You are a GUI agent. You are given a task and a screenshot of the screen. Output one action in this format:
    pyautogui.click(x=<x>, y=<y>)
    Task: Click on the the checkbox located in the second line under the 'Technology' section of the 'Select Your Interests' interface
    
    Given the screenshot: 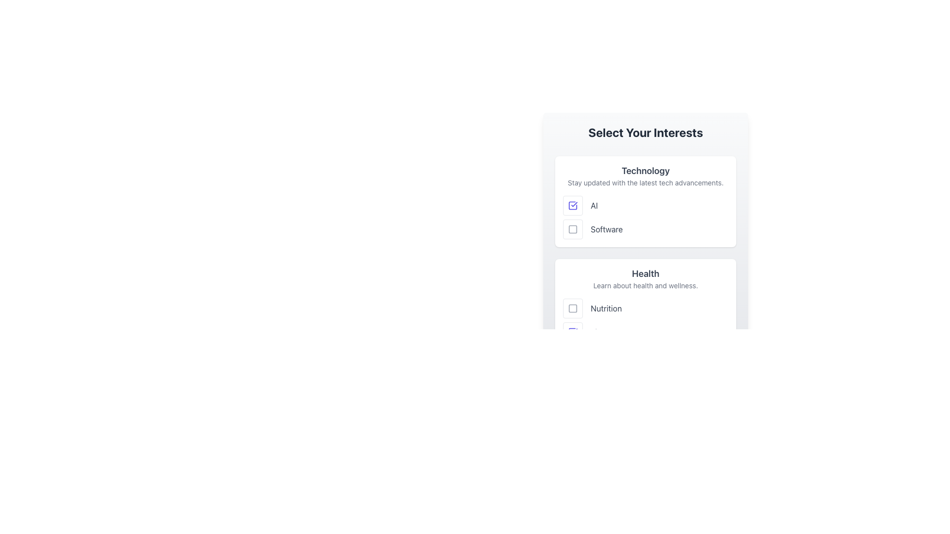 What is the action you would take?
    pyautogui.click(x=646, y=229)
    